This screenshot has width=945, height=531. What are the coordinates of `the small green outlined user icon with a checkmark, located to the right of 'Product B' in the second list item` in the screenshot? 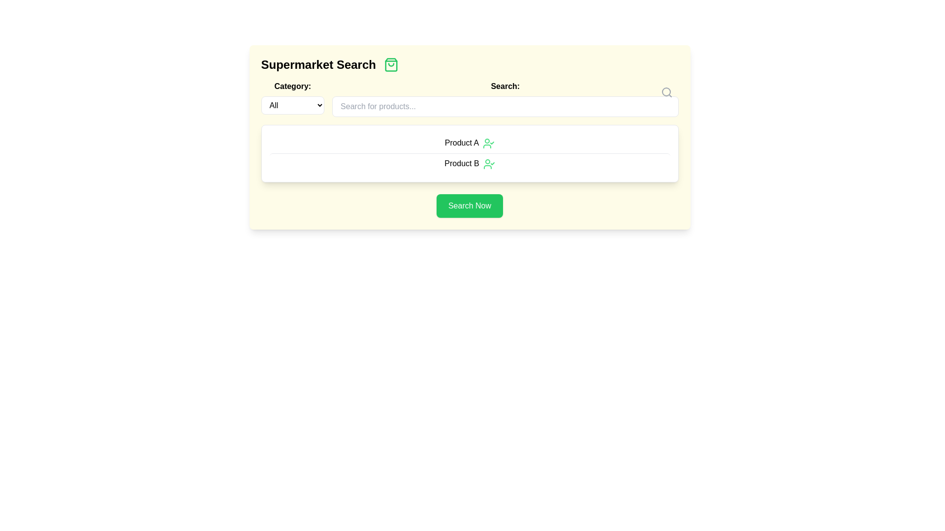 It's located at (489, 163).